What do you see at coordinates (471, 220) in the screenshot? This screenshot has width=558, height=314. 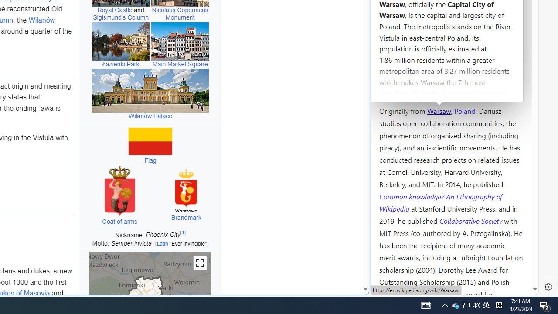 I see `'Collaborative Society '` at bounding box center [471, 220].